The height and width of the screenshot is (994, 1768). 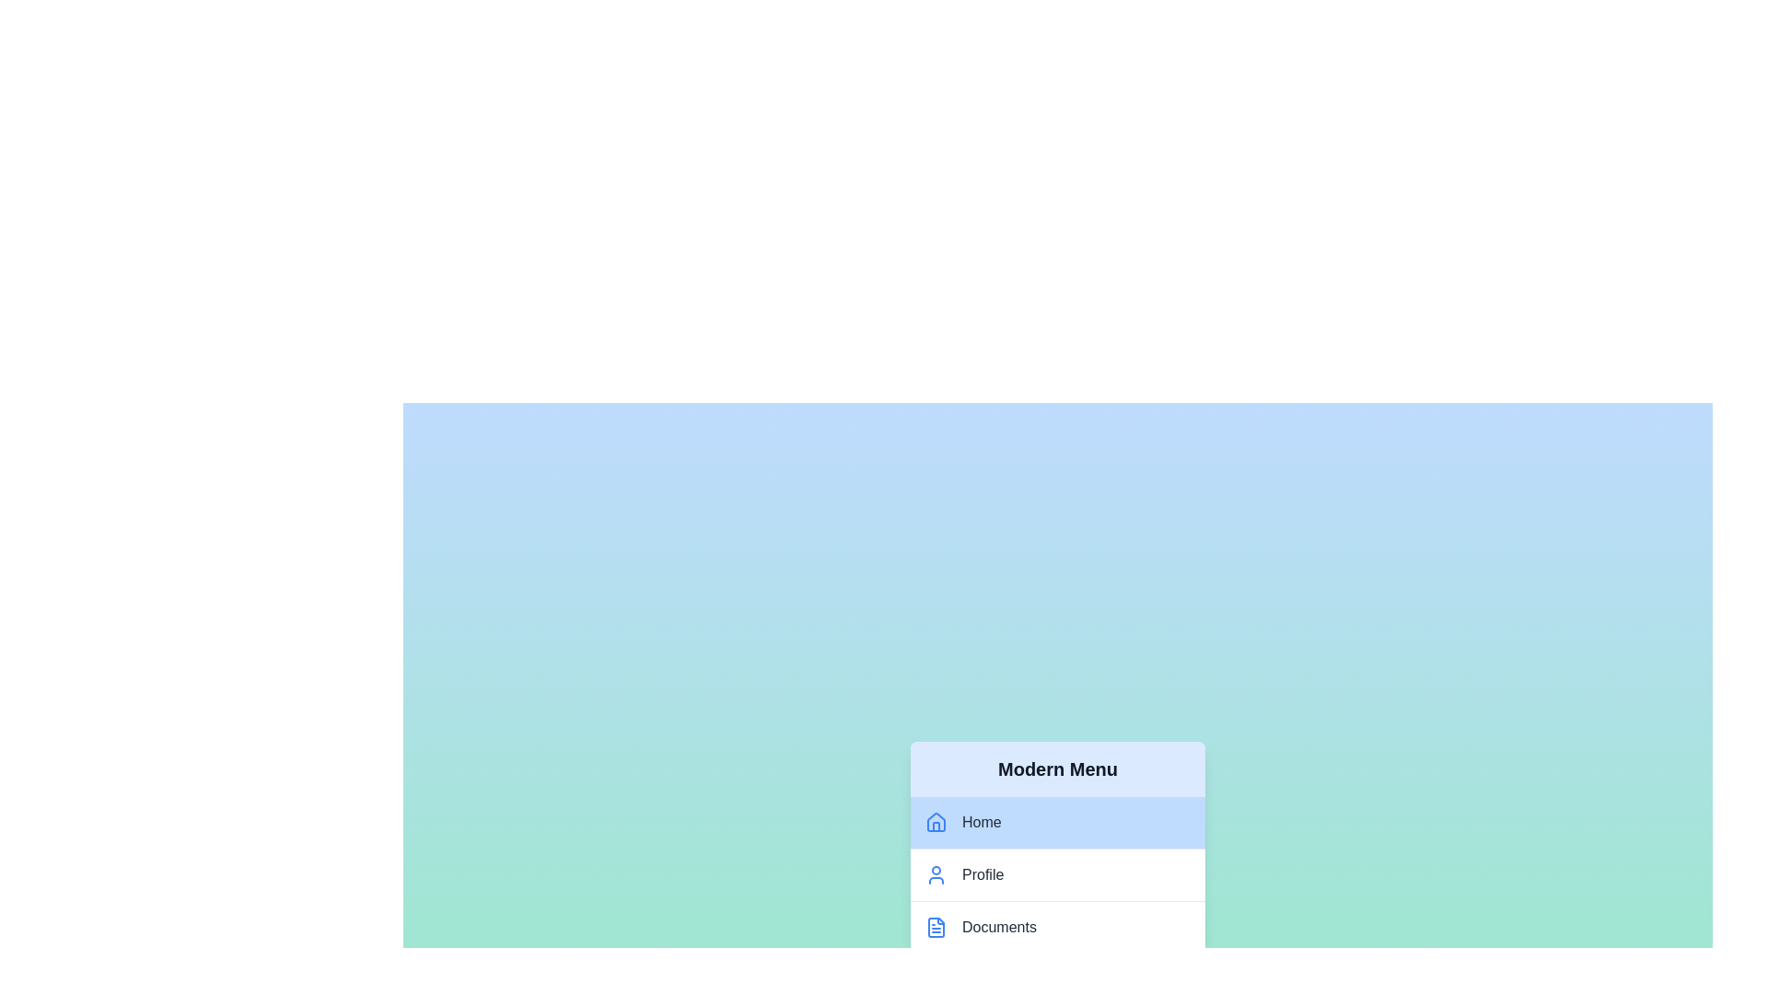 I want to click on the menu item labeled Profile to navigate to the corresponding view, so click(x=1057, y=873).